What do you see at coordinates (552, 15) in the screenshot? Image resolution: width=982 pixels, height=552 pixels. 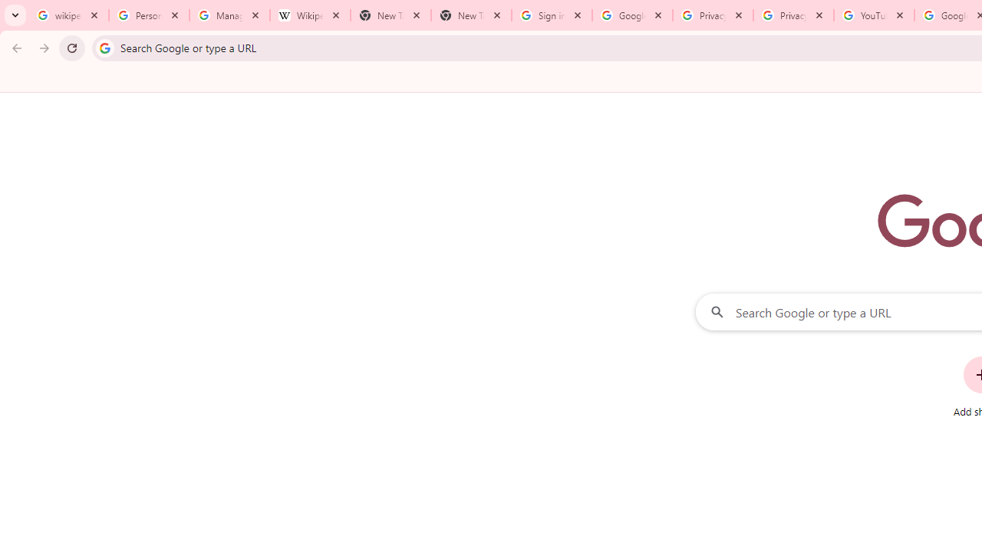 I see `'Sign in - Google Accounts'` at bounding box center [552, 15].